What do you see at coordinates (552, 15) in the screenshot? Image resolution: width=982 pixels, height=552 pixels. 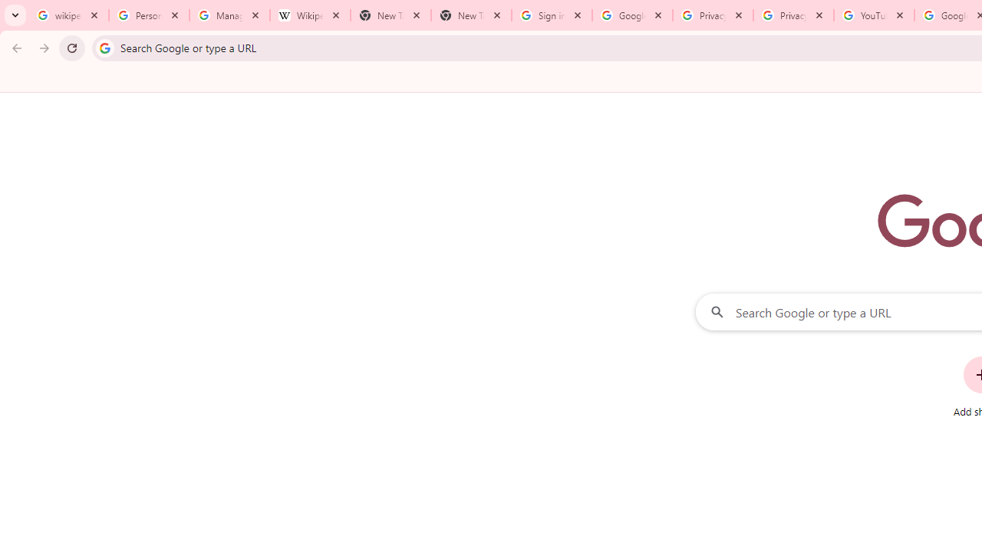 I see `'Sign in - Google Accounts'` at bounding box center [552, 15].